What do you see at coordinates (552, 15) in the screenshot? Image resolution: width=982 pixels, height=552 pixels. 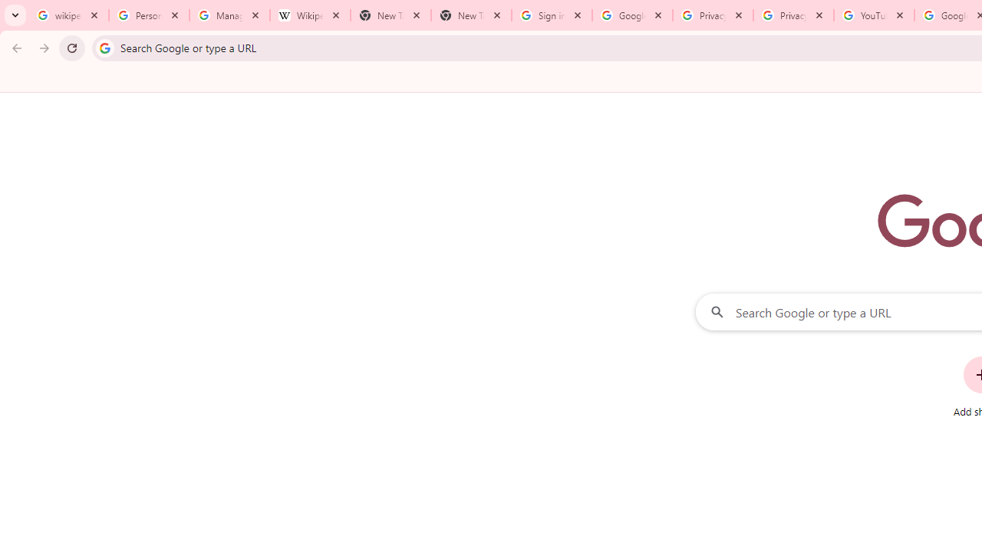 I see `'Sign in - Google Accounts'` at bounding box center [552, 15].